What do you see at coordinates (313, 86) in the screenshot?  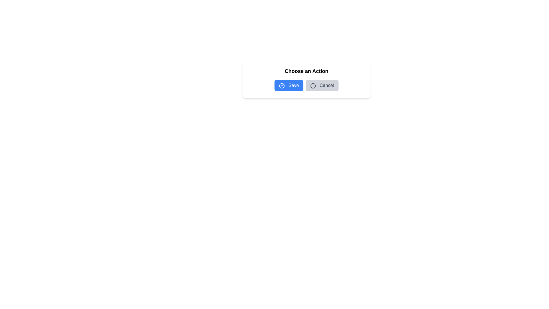 I see `the cautionary icon embedded within the 'Cancel' button, which indicates its alert-related purpose` at bounding box center [313, 86].